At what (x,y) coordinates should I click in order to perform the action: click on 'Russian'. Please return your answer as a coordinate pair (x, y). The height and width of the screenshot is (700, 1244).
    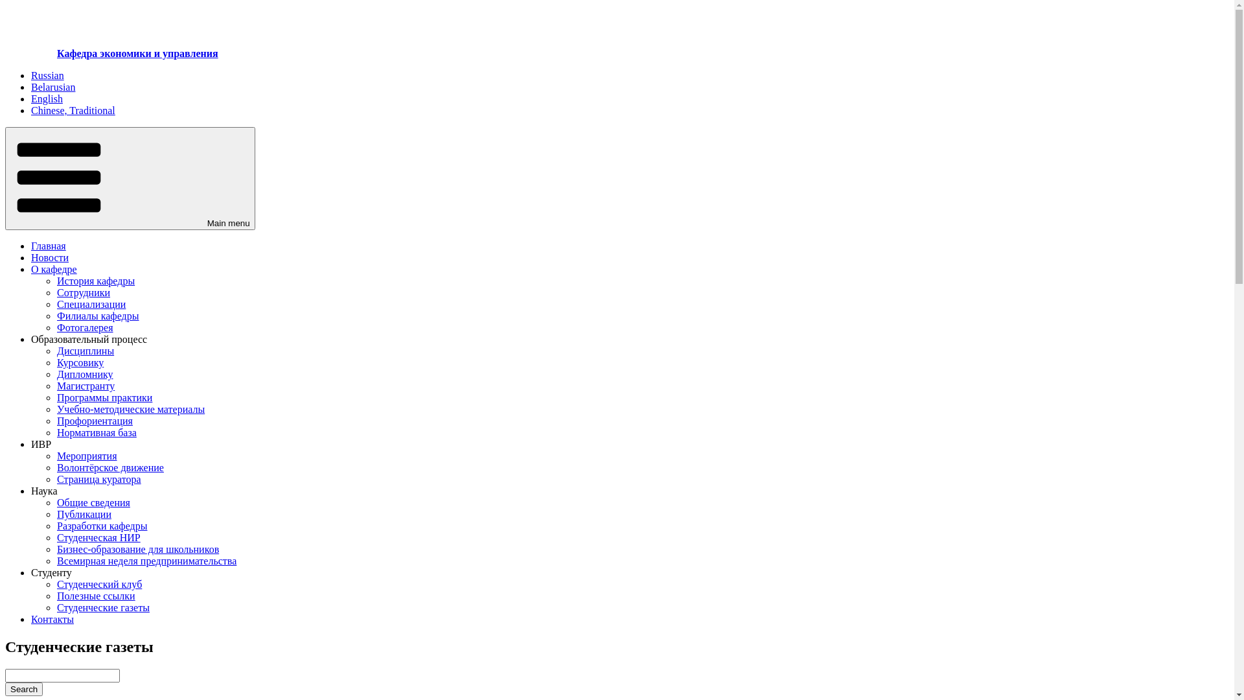
    Looking at the image, I should click on (31, 75).